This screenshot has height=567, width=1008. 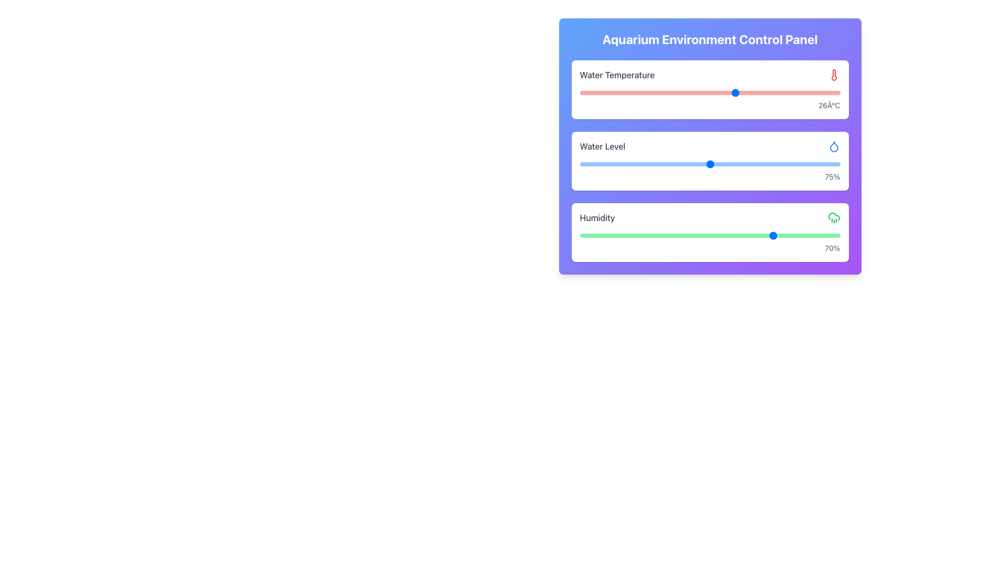 I want to click on temperature, so click(x=736, y=92).